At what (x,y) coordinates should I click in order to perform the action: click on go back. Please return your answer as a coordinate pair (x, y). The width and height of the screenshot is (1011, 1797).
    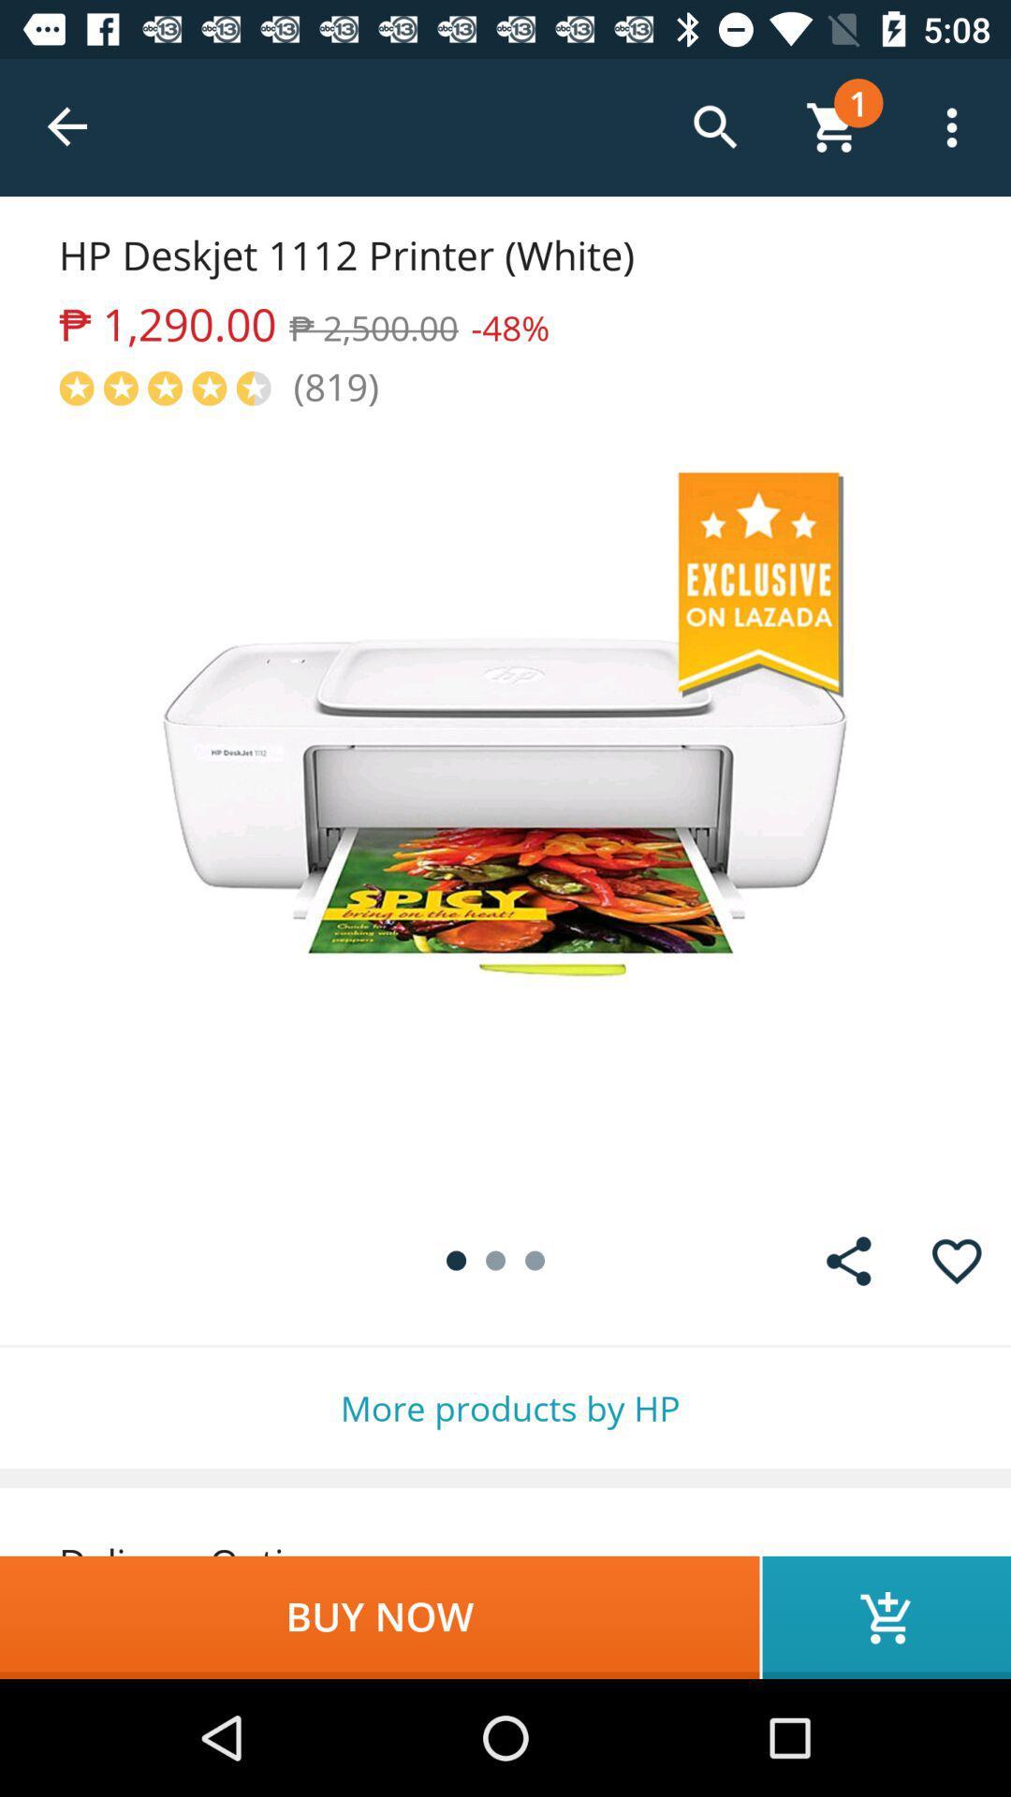
    Looking at the image, I should click on (67, 126).